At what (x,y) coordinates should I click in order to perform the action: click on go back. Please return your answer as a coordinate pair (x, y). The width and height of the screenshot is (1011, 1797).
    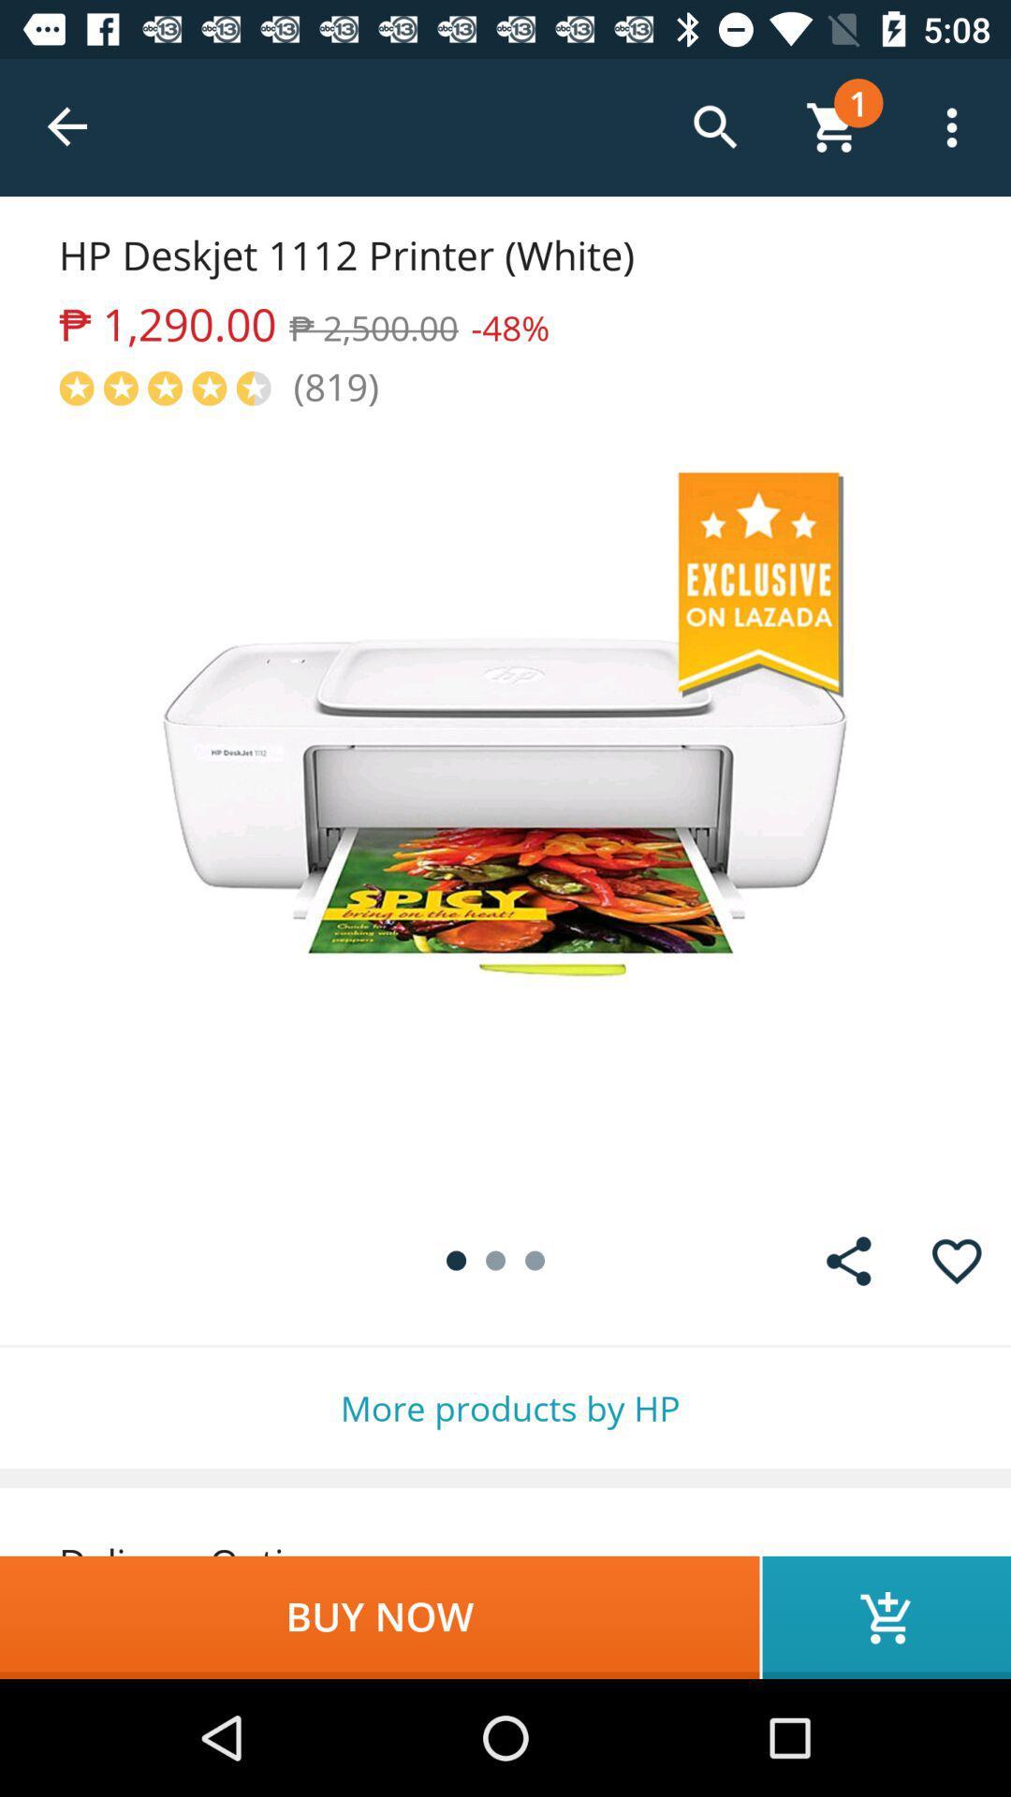
    Looking at the image, I should click on (67, 126).